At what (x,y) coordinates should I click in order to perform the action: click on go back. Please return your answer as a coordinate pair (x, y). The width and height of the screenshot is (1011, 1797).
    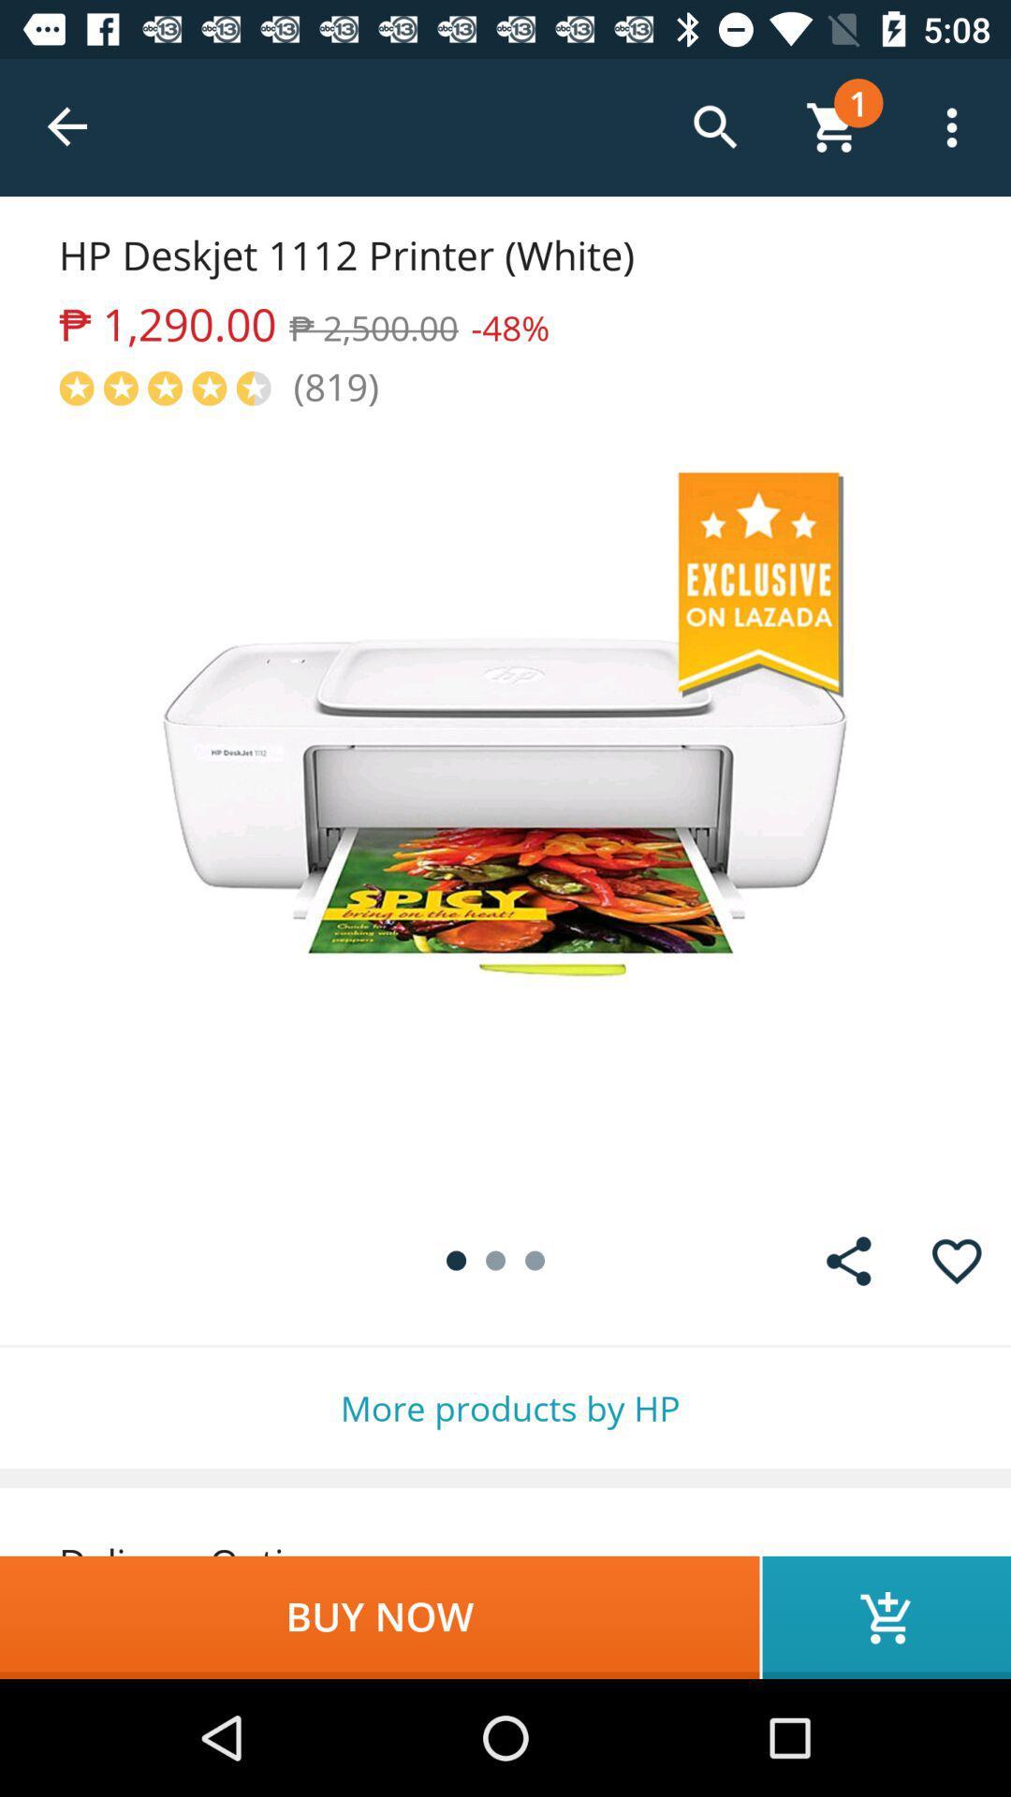
    Looking at the image, I should click on (67, 126).